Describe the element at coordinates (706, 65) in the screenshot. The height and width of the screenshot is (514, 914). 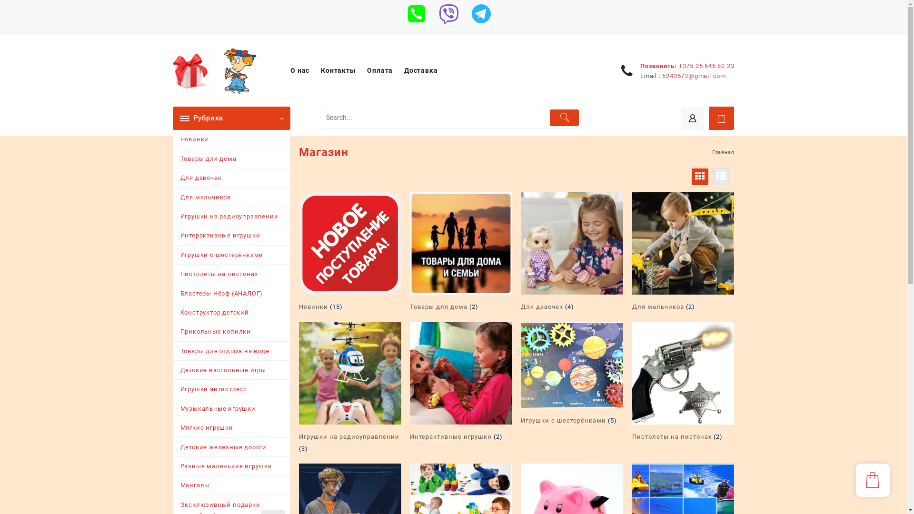
I see `'+375 25 646 82 23'` at that location.